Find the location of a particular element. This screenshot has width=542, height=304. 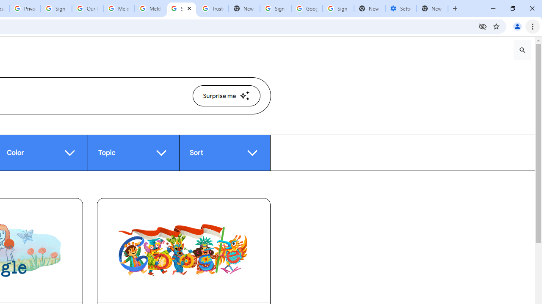

'Indonesia Independence Day 2024' is located at coordinates (183, 250).